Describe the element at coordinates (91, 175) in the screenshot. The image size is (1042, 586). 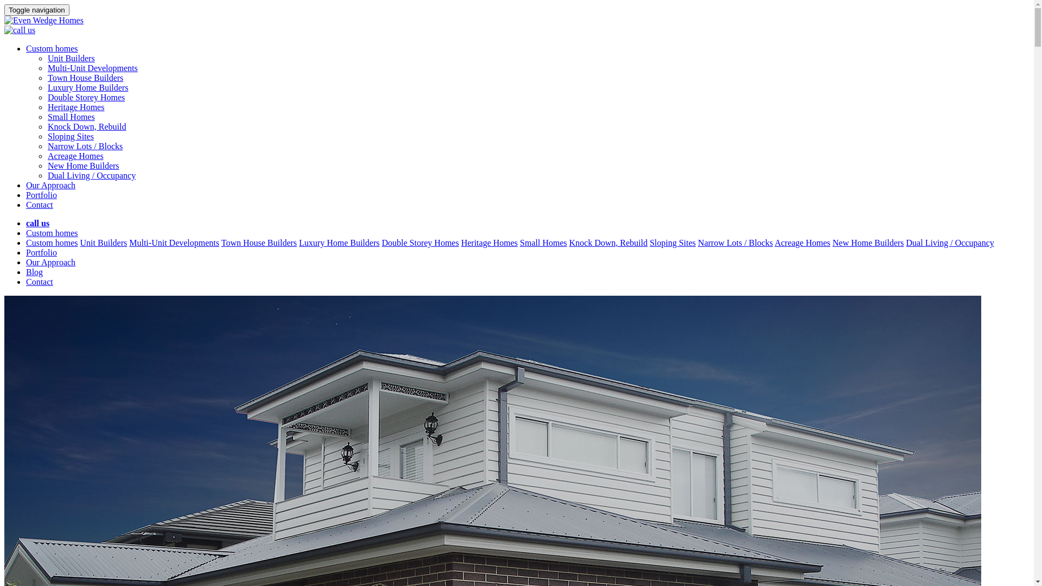
I see `'Dual Living / Occupancy'` at that location.